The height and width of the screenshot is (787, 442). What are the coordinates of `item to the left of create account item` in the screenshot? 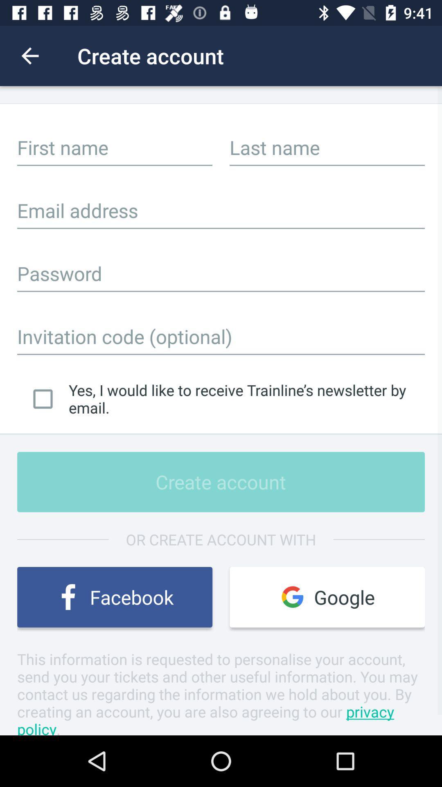 It's located at (29, 55).